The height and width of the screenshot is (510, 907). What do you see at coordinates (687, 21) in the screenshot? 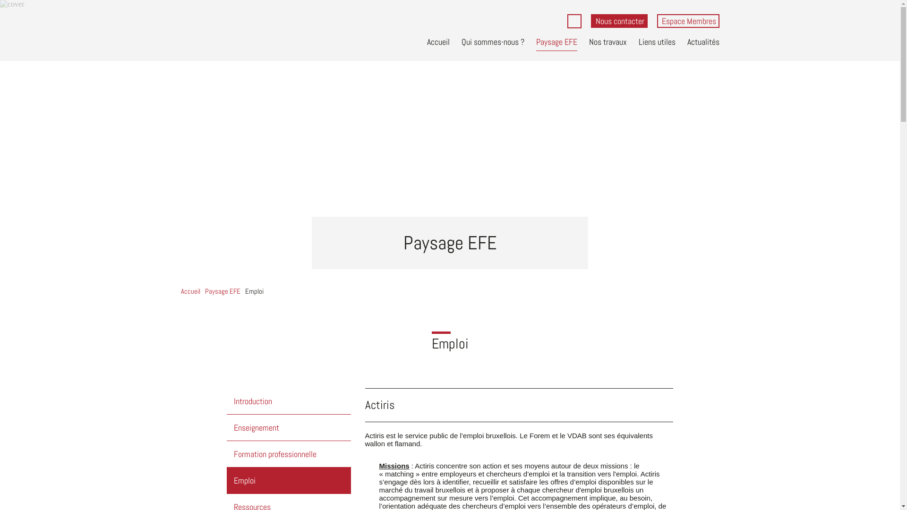
I see `'Espace Membres'` at bounding box center [687, 21].